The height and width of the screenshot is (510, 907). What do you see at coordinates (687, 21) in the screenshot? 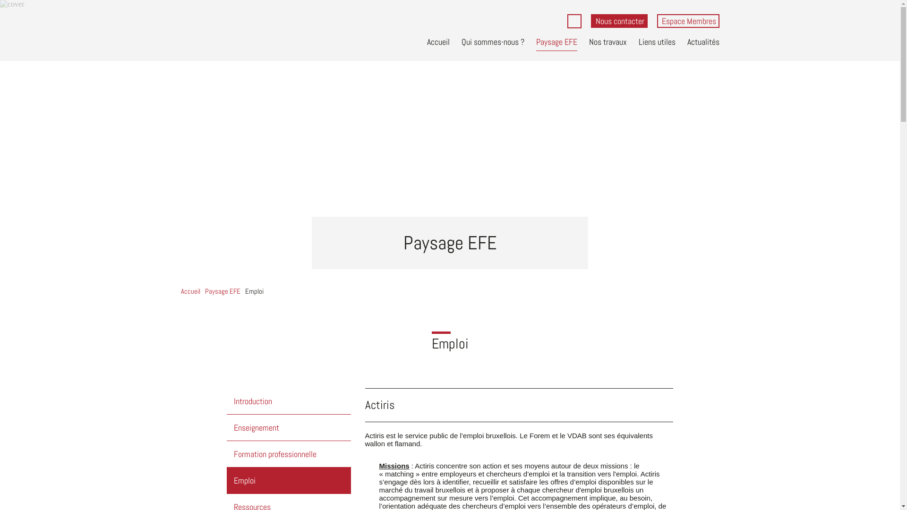
I see `'Espace Membres'` at bounding box center [687, 21].